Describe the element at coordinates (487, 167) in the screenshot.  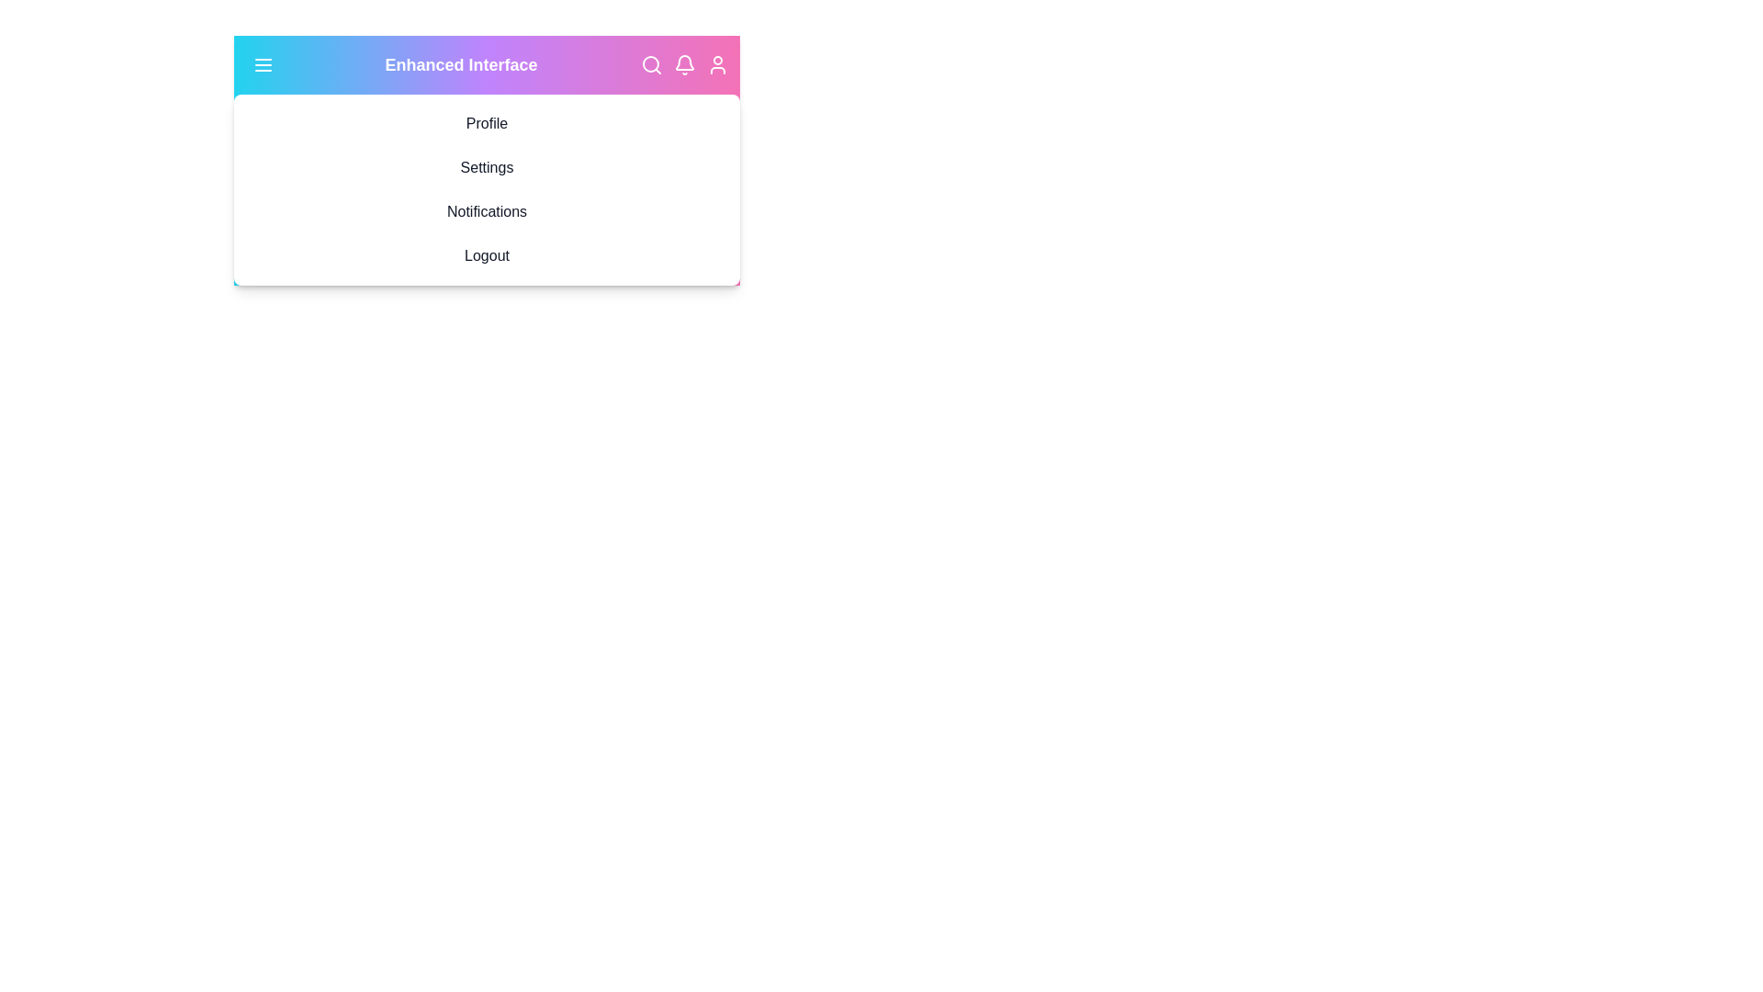
I see `the dropdown menu option Settings by clicking it` at that location.